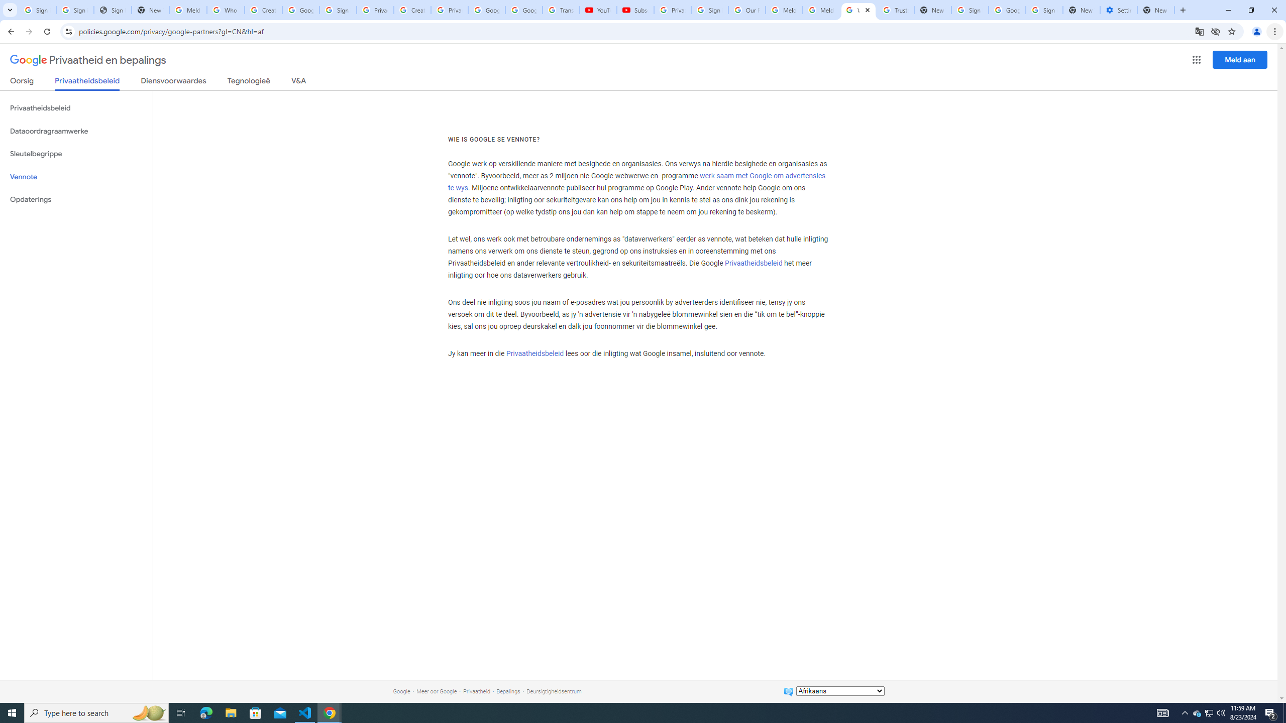 Image resolution: width=1286 pixels, height=723 pixels. Describe the element at coordinates (1006, 10) in the screenshot. I see `'Google Cybersecurity Innovations - Google Safety Center'` at that location.